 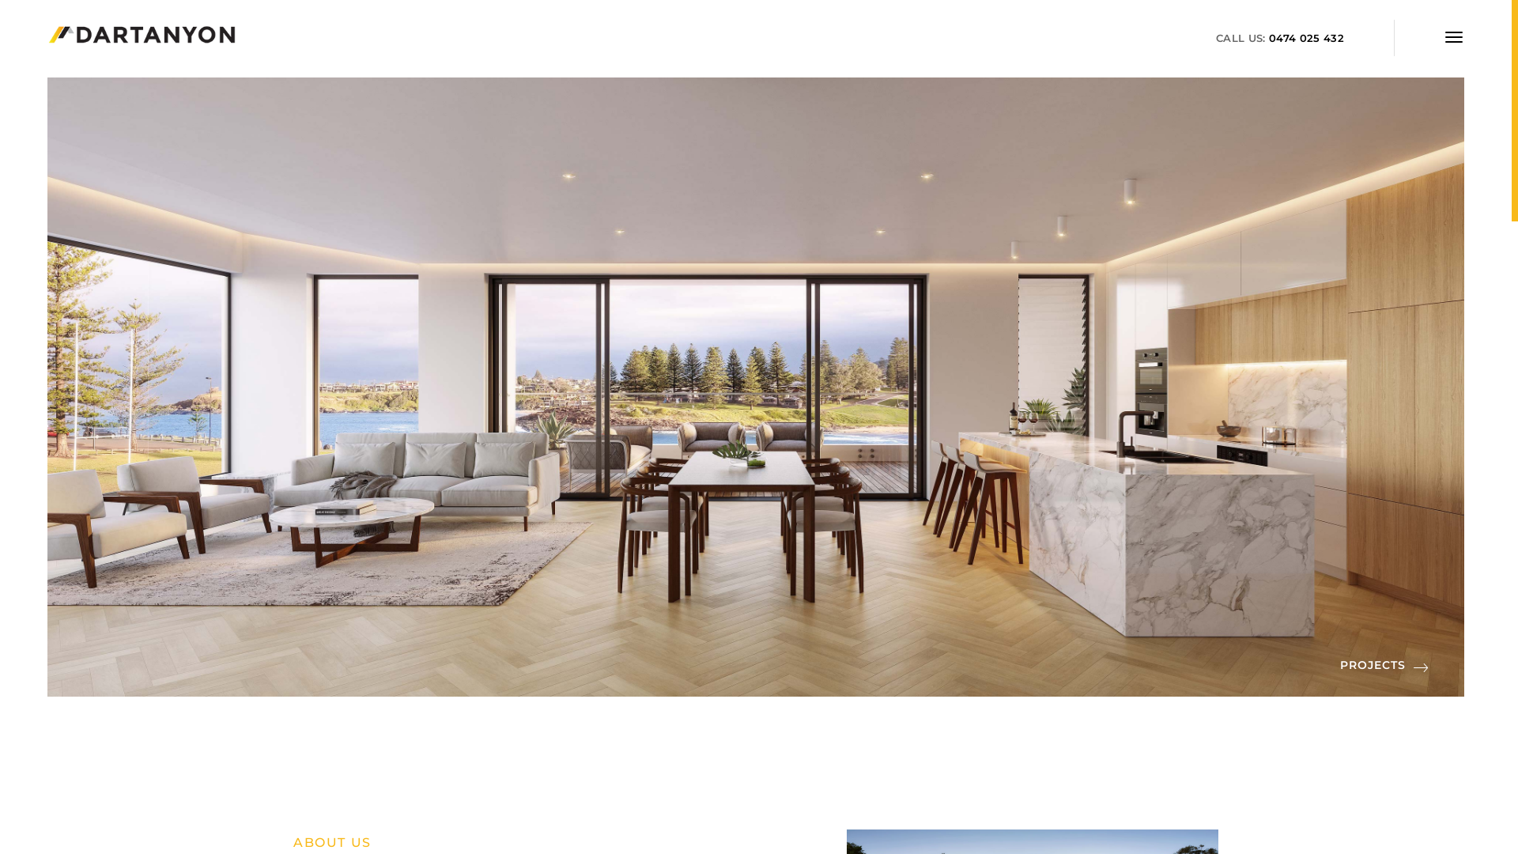 I want to click on 'PROJECTS', so click(x=1339, y=666).